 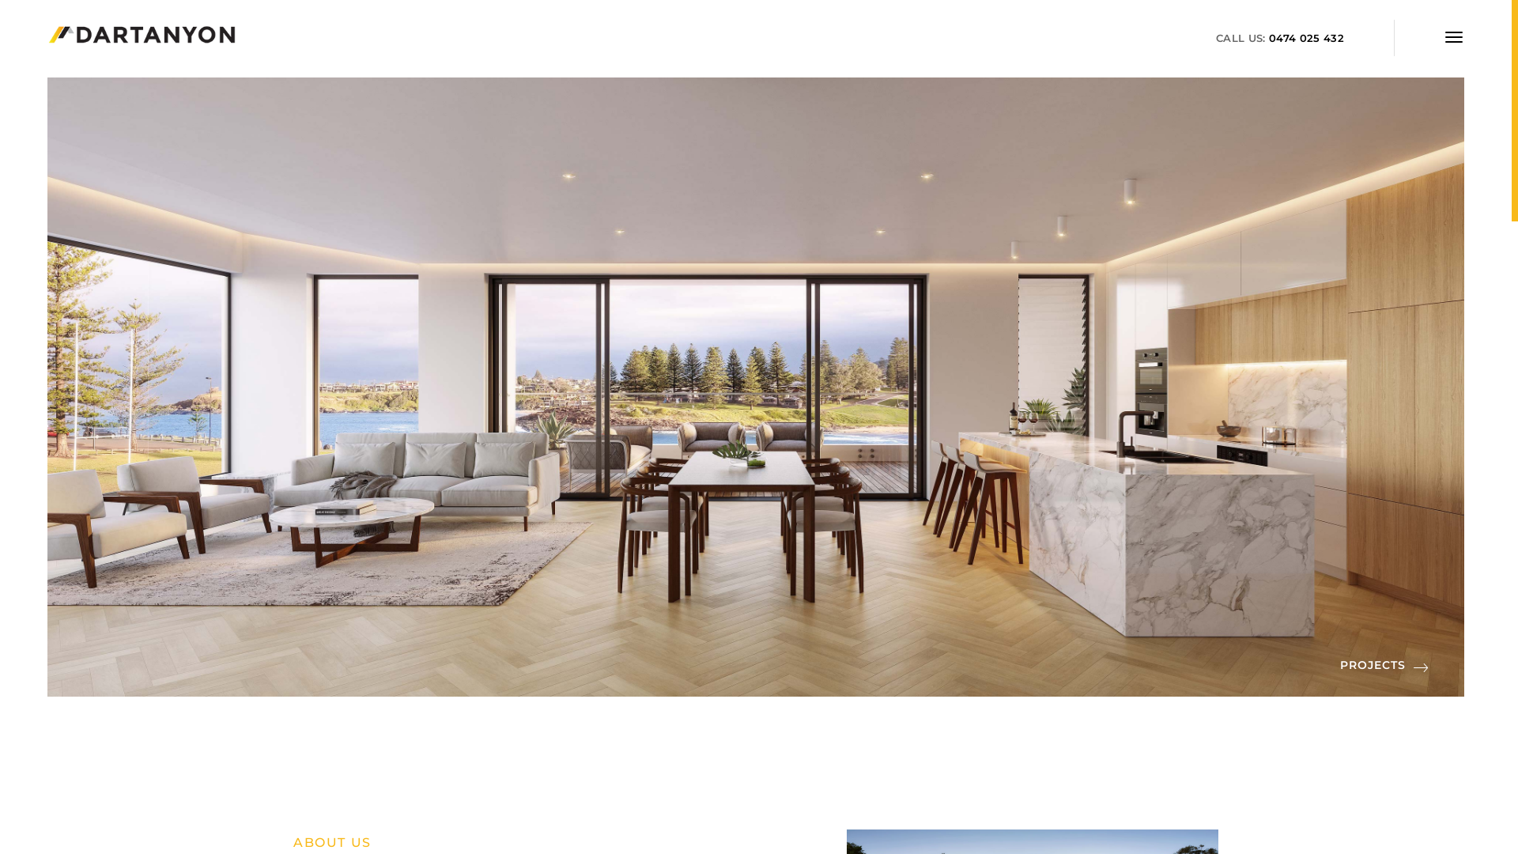 I want to click on 'PROJECTS', so click(x=1339, y=666).